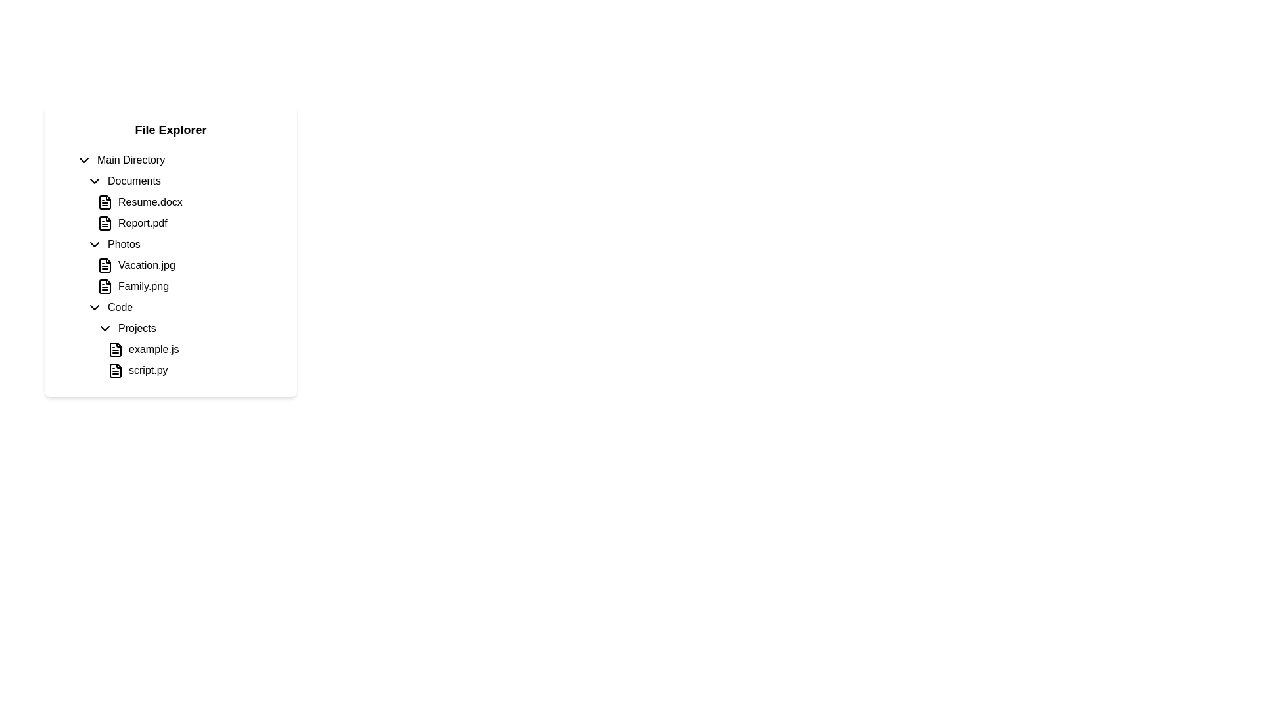  I want to click on the text label displaying 'example.js', so click(154, 349).